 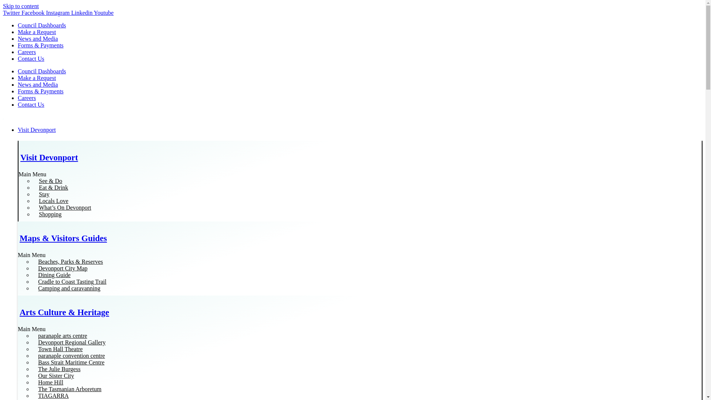 I want to click on 'paranaple convention centre', so click(x=32, y=355).